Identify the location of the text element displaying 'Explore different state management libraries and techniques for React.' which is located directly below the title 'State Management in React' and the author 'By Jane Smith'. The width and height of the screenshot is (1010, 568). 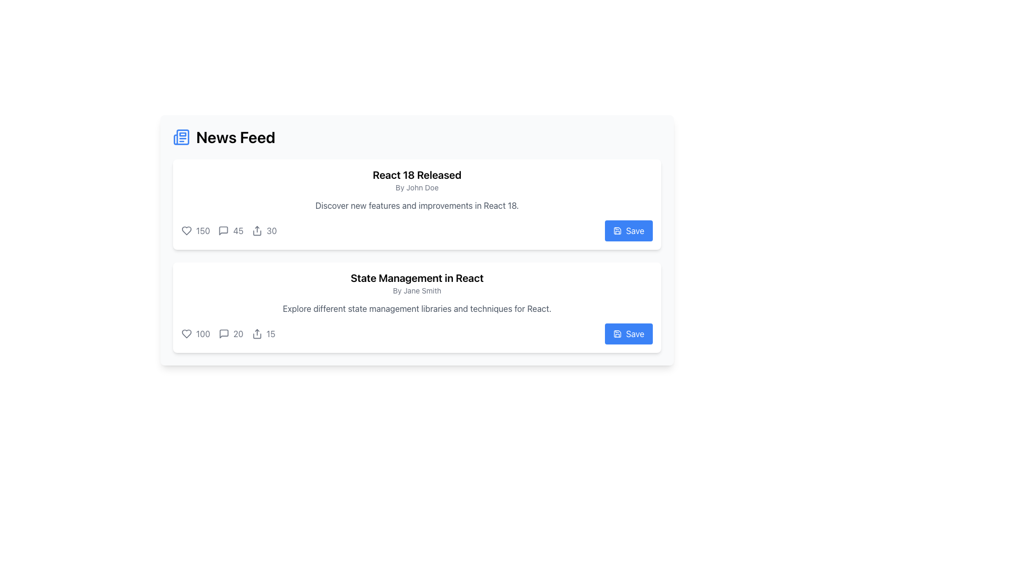
(416, 308).